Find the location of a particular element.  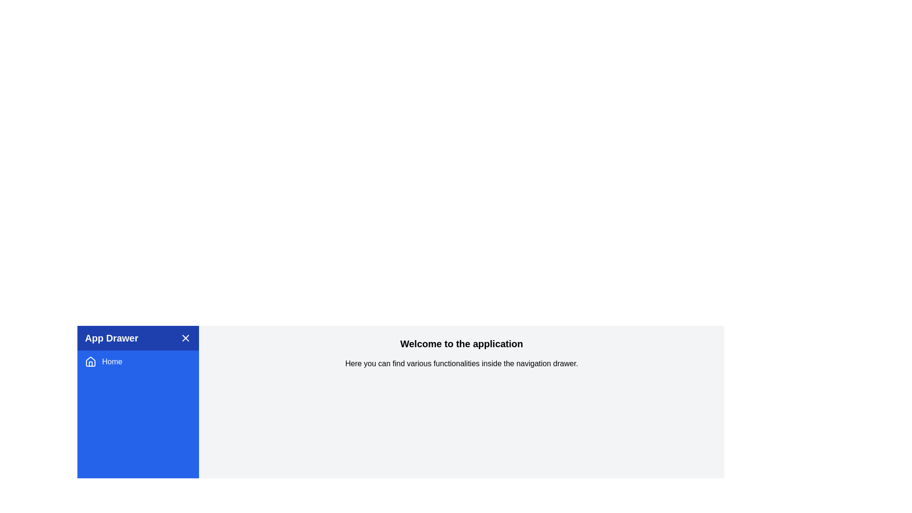

'Home' icon located in the left-side navigation drawer, which serves as a link to the home page or main dashboard is located at coordinates (91, 361).